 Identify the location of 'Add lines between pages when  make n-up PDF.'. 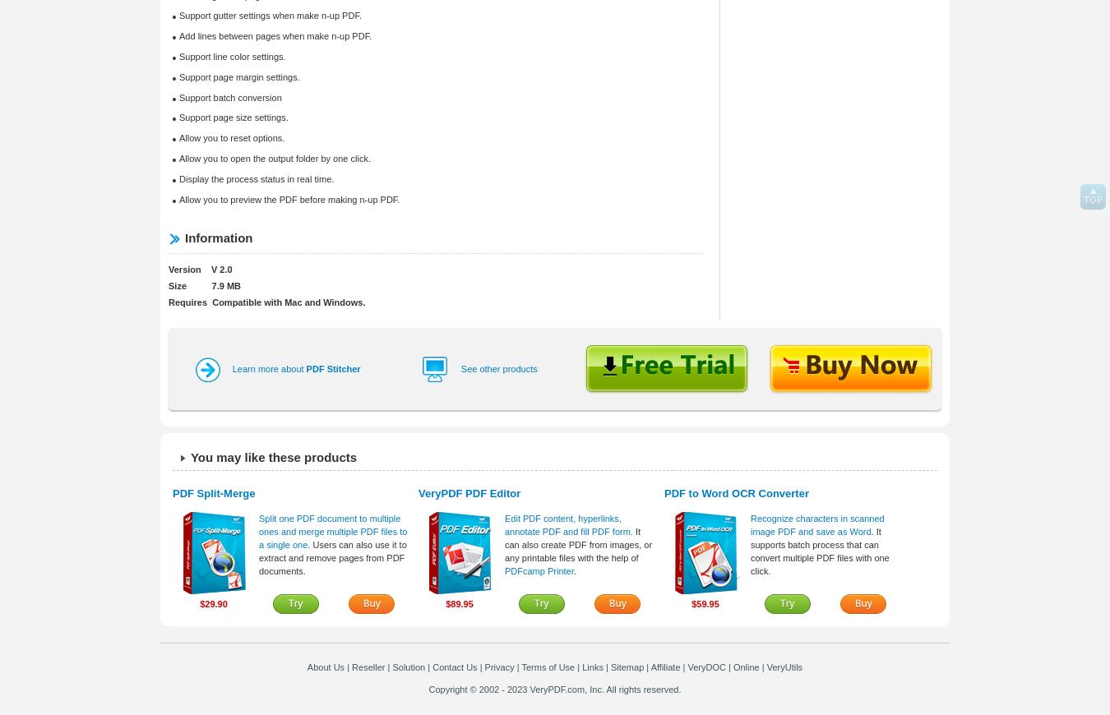
(274, 35).